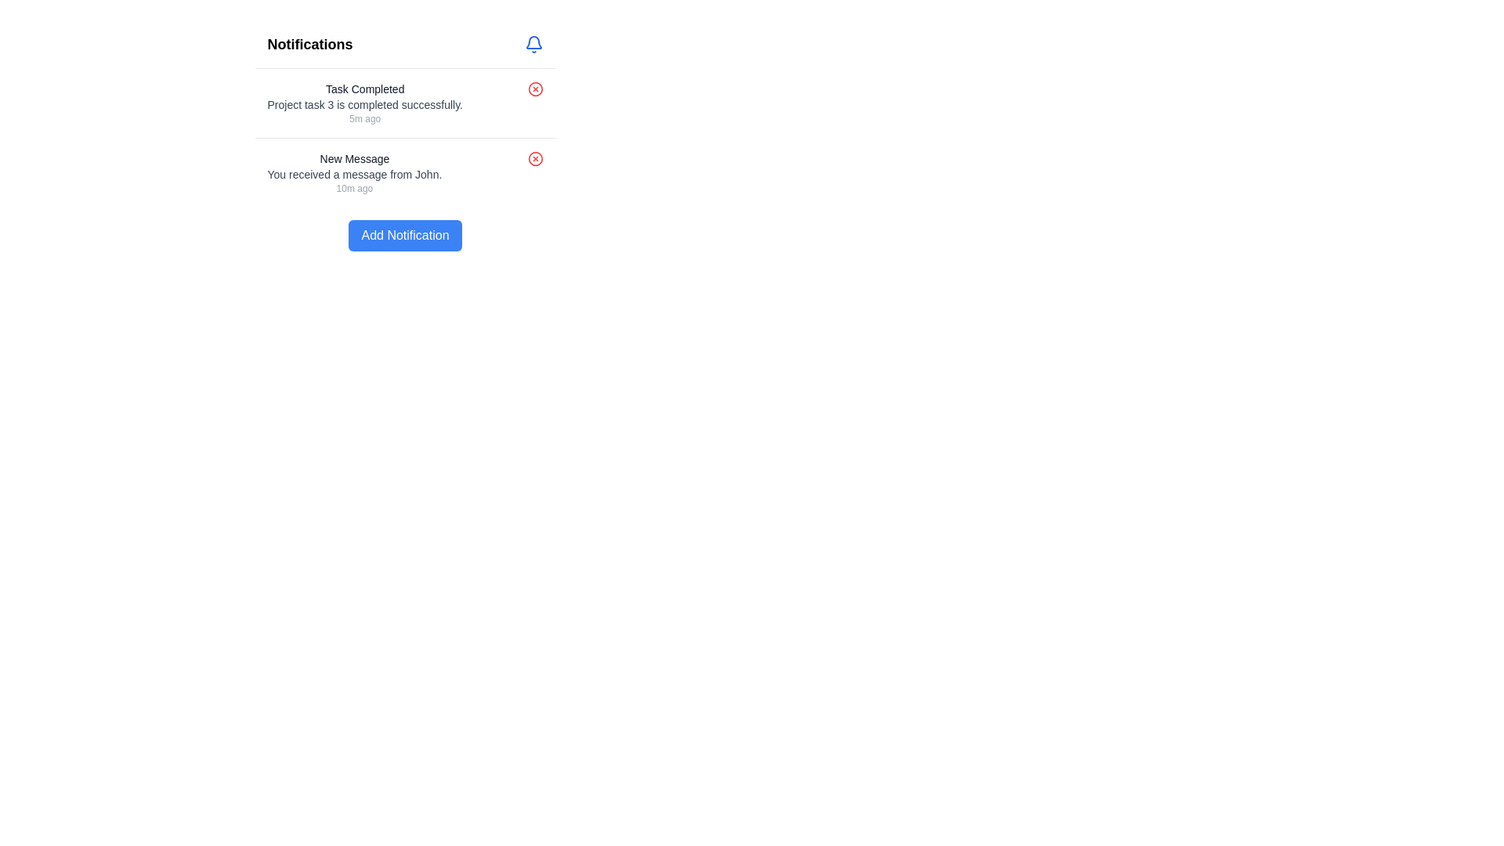 The image size is (1504, 846). What do you see at coordinates (353, 159) in the screenshot?
I see `the 'New Message' label, which is styled in medium-weight and small-sized black font, located at the top of the second notification item above the description 'You received a message from John.'` at bounding box center [353, 159].